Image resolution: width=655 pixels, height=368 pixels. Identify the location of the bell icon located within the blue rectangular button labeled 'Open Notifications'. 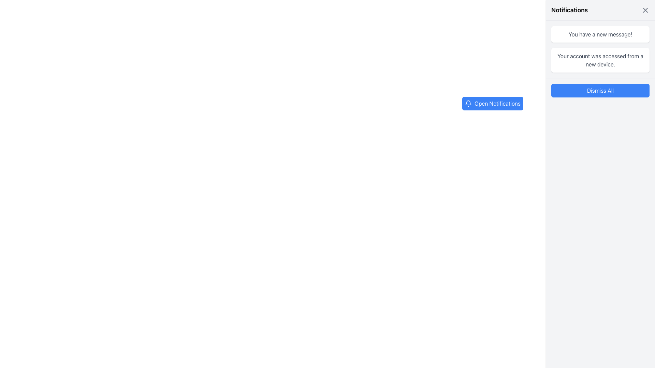
(468, 104).